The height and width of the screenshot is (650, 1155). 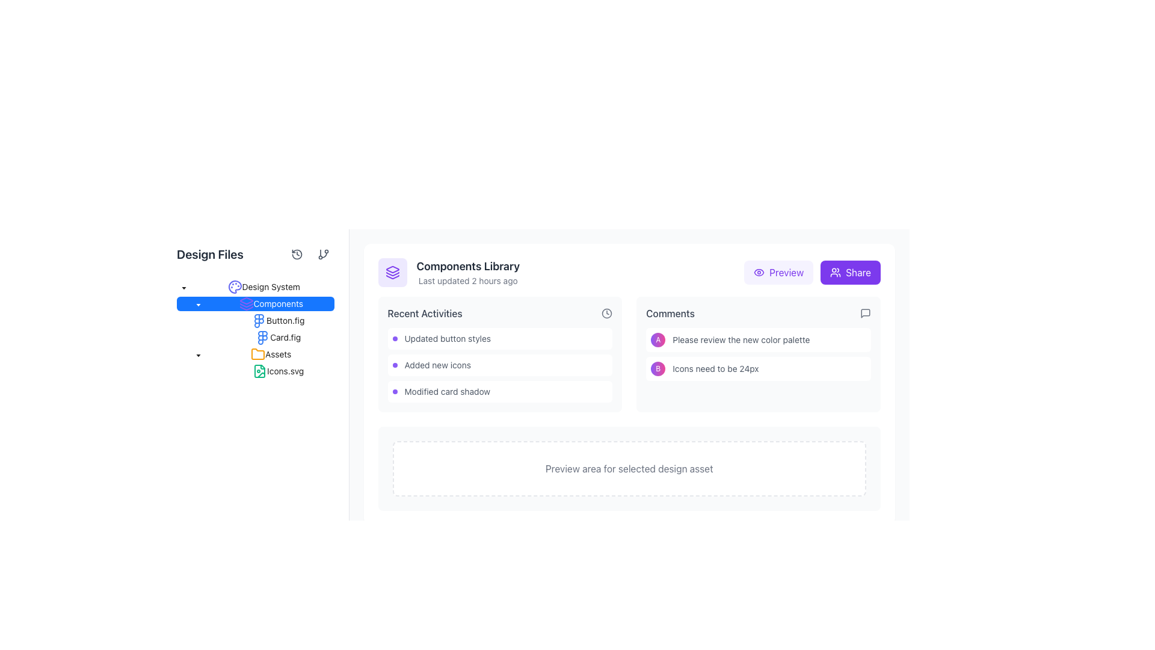 What do you see at coordinates (254, 371) in the screenshot?
I see `the Tree item representing the file named 'Icons.svg' located under the 'Assets' folder in the 'Components' section of the left panel` at bounding box center [254, 371].